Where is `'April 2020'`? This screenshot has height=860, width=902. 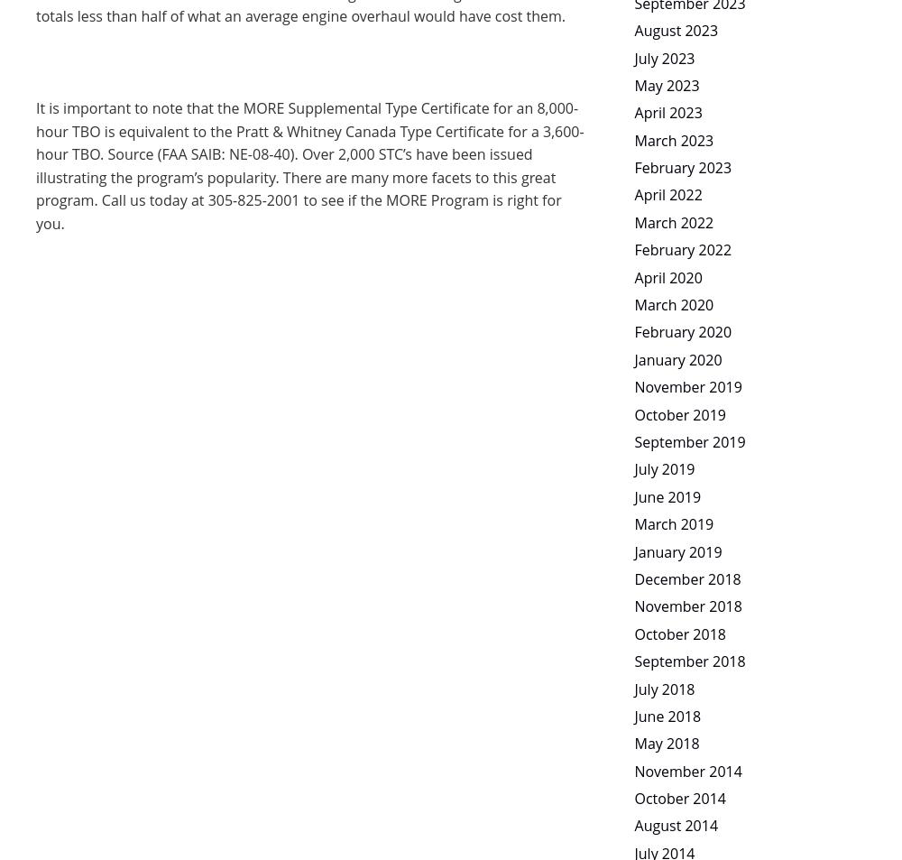 'April 2020' is located at coordinates (633, 275).